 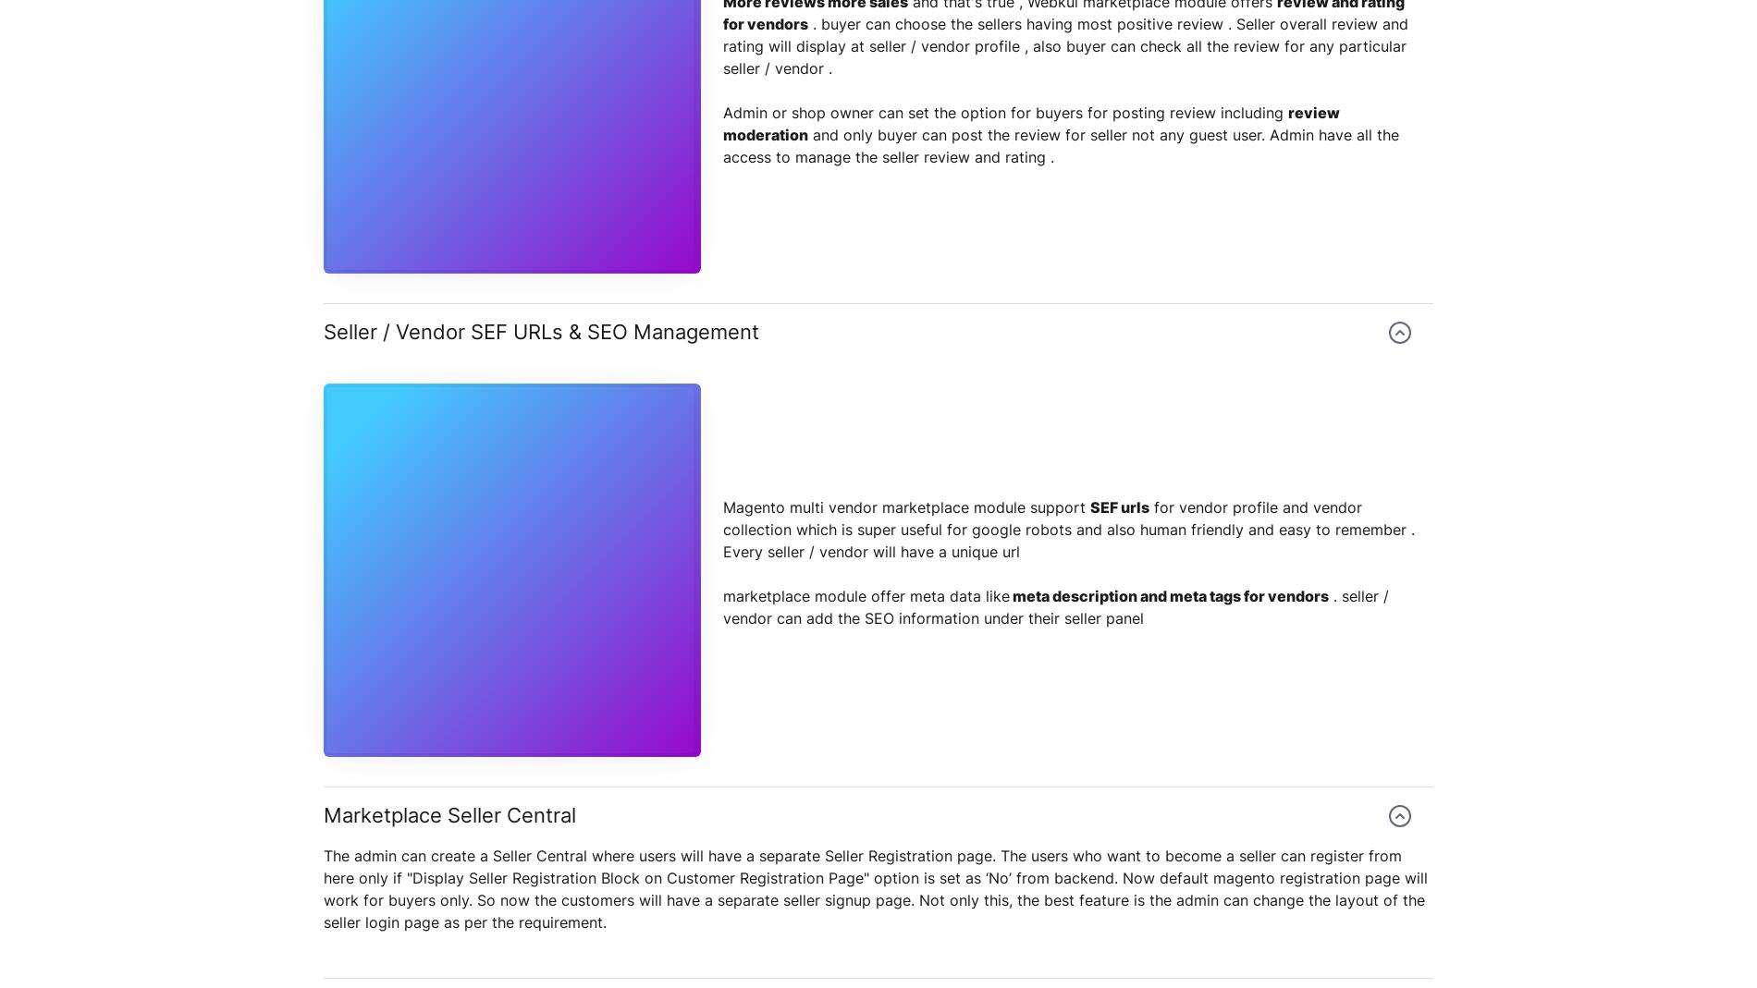 I want to click on 'marketplace module offer meta data like', so click(x=866, y=595).